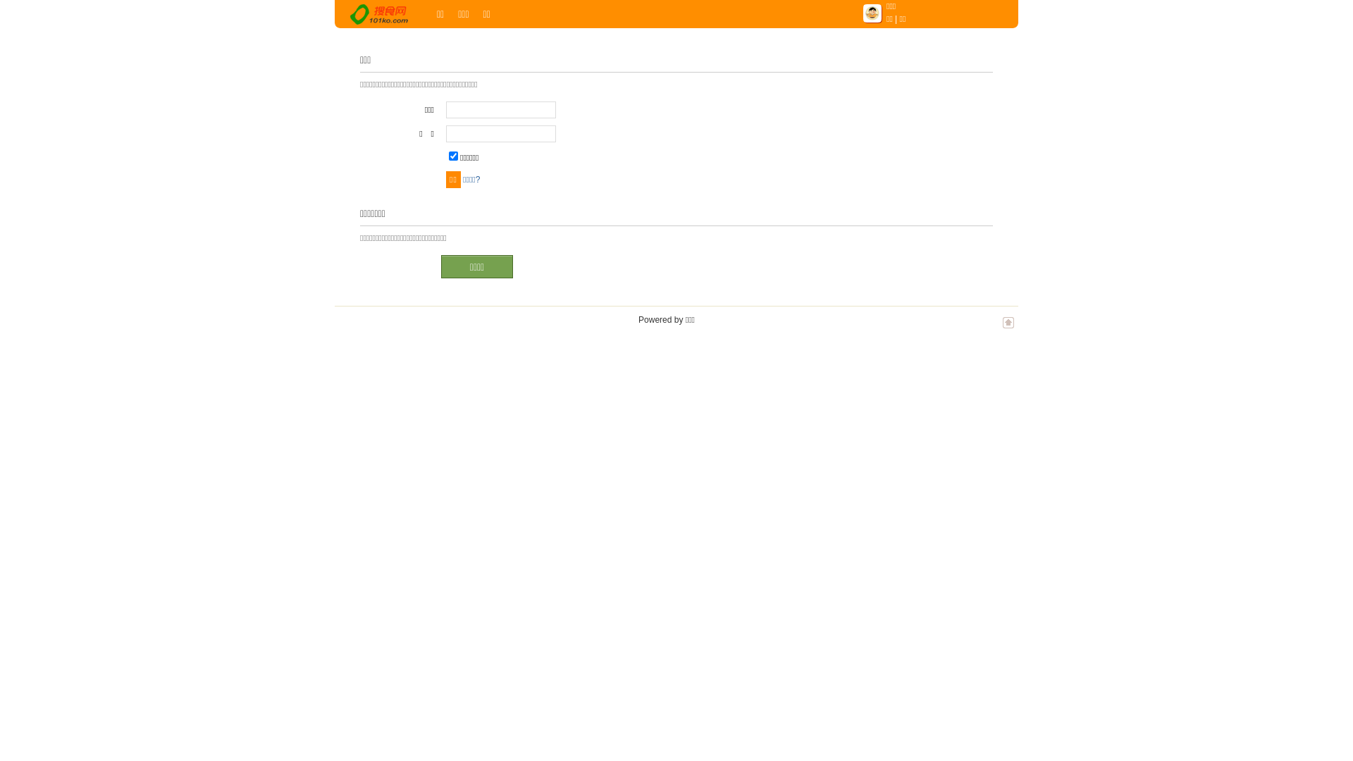 The image size is (1353, 761). Describe the element at coordinates (1007, 329) in the screenshot. I see `'TOP'` at that location.